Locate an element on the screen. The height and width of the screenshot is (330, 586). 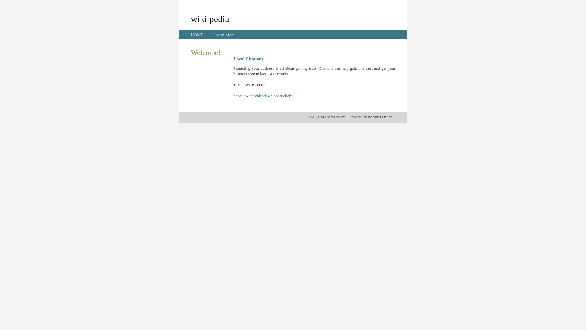
'Websites Listing' is located at coordinates (379, 117).